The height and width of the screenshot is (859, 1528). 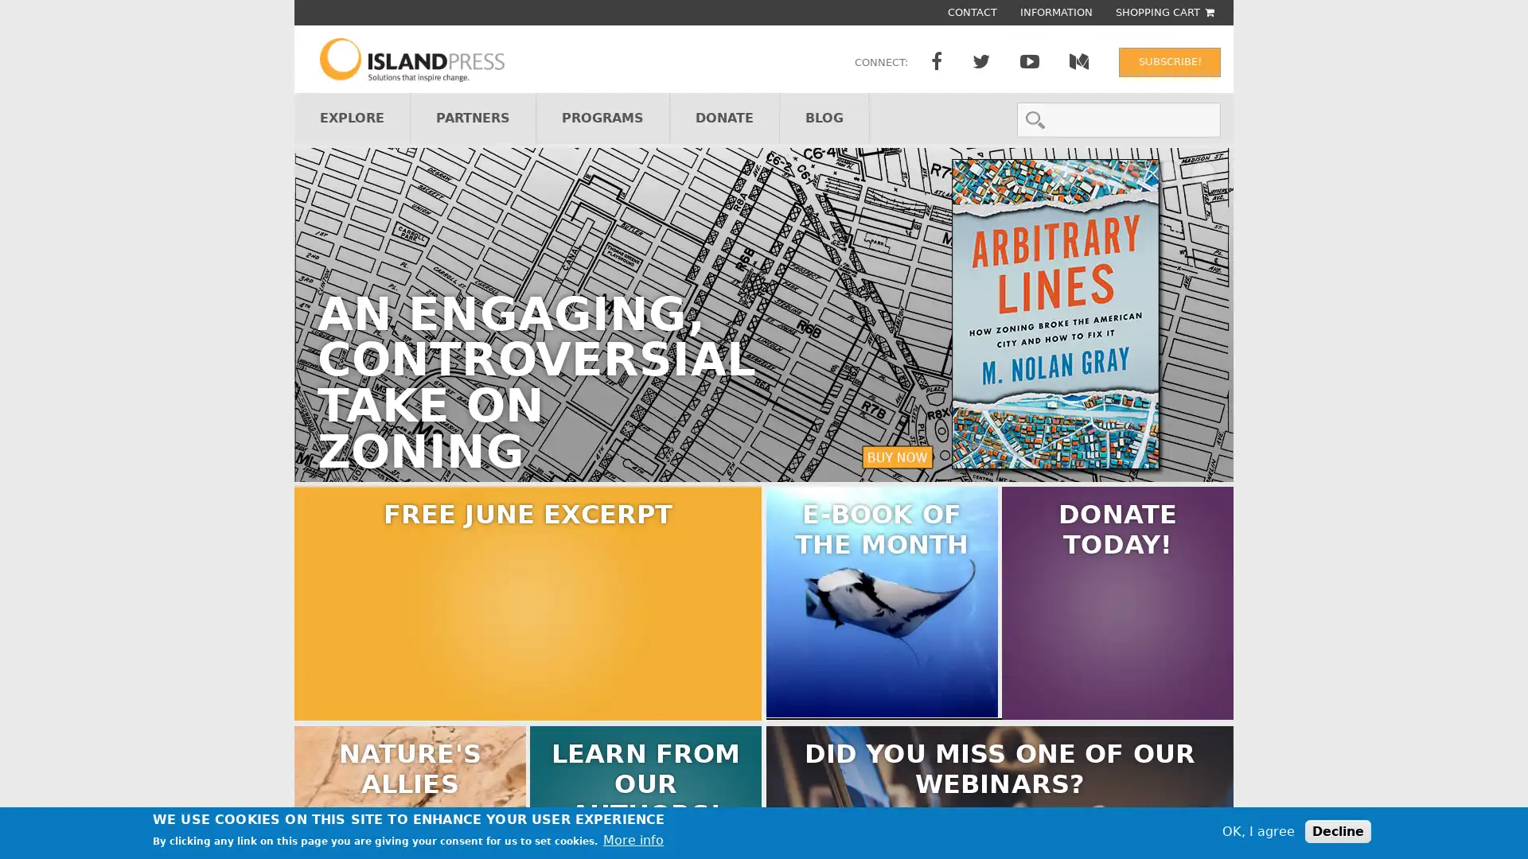 What do you see at coordinates (1257, 830) in the screenshot?
I see `OK, I agree` at bounding box center [1257, 830].